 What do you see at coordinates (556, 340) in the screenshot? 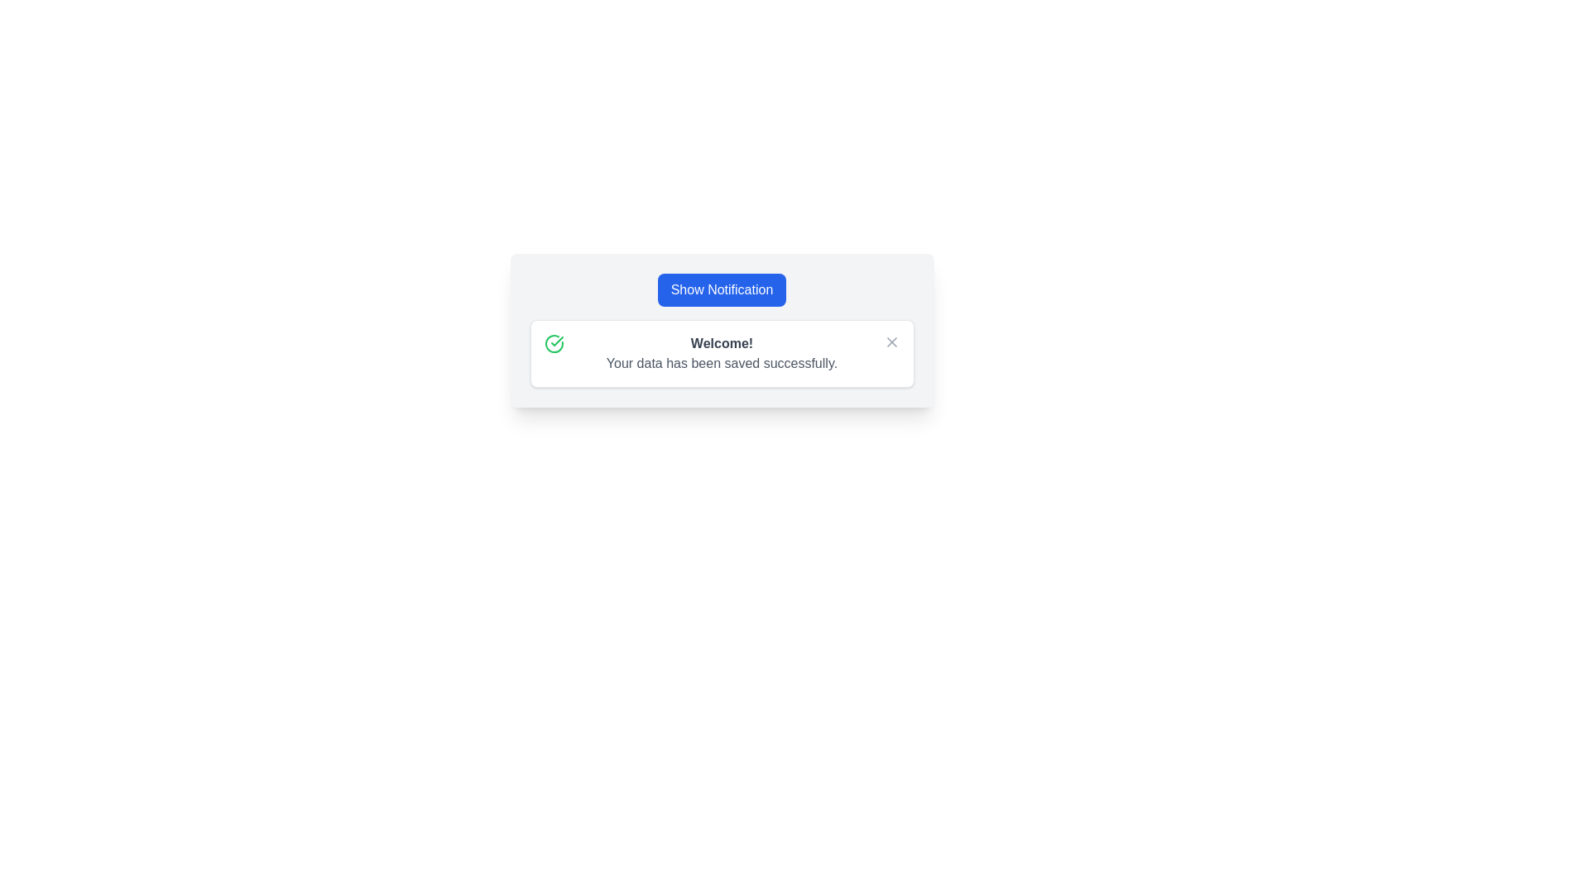
I see `the green circular icon that contains a checkmark, which signifies success or completion in the notification message area` at bounding box center [556, 340].